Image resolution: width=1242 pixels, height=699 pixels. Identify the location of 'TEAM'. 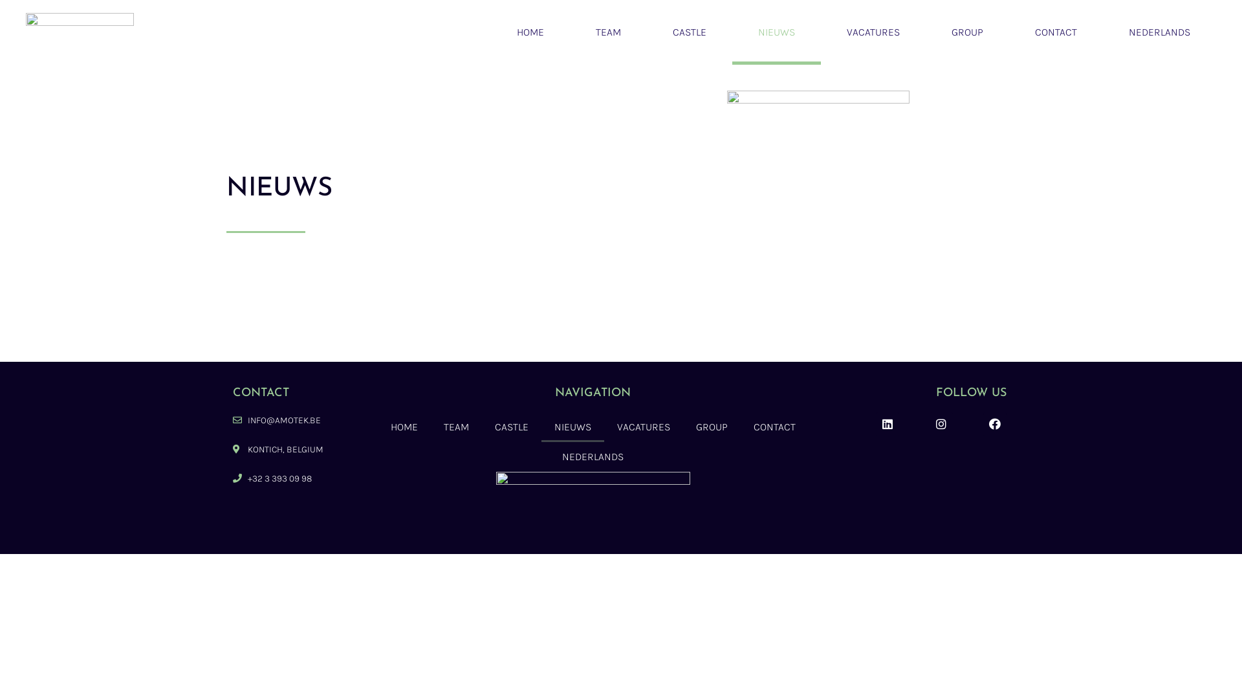
(456, 427).